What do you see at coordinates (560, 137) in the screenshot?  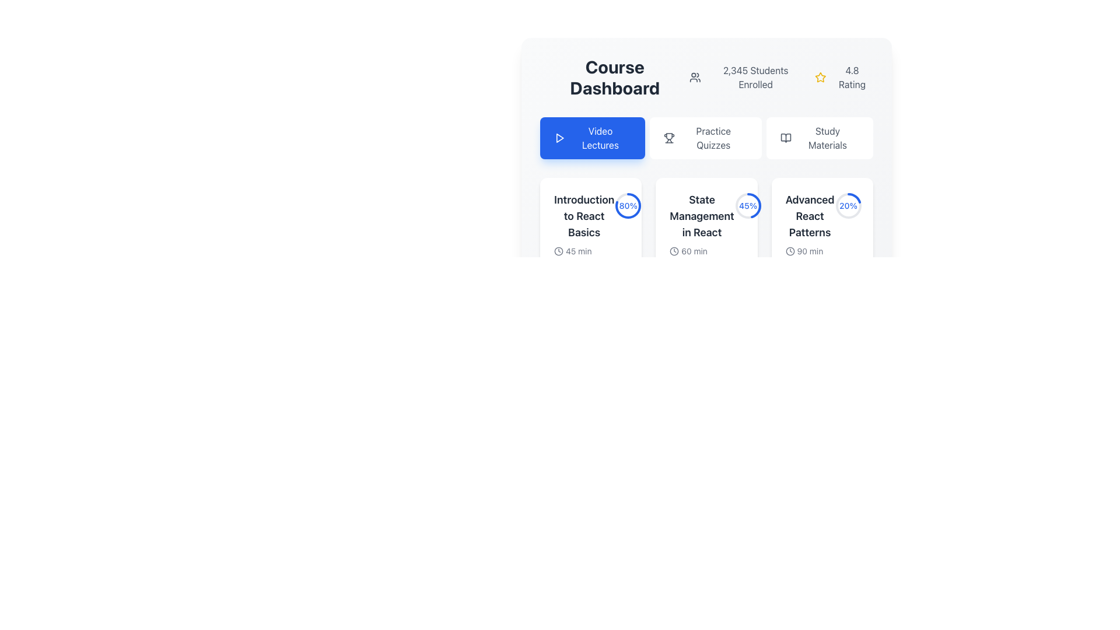 I see `the triangular play icon located on the left side of the 'Video Lectures' button, which provides access to video content in the upper-left section of the interface below the 'Course Dashboard' heading` at bounding box center [560, 137].